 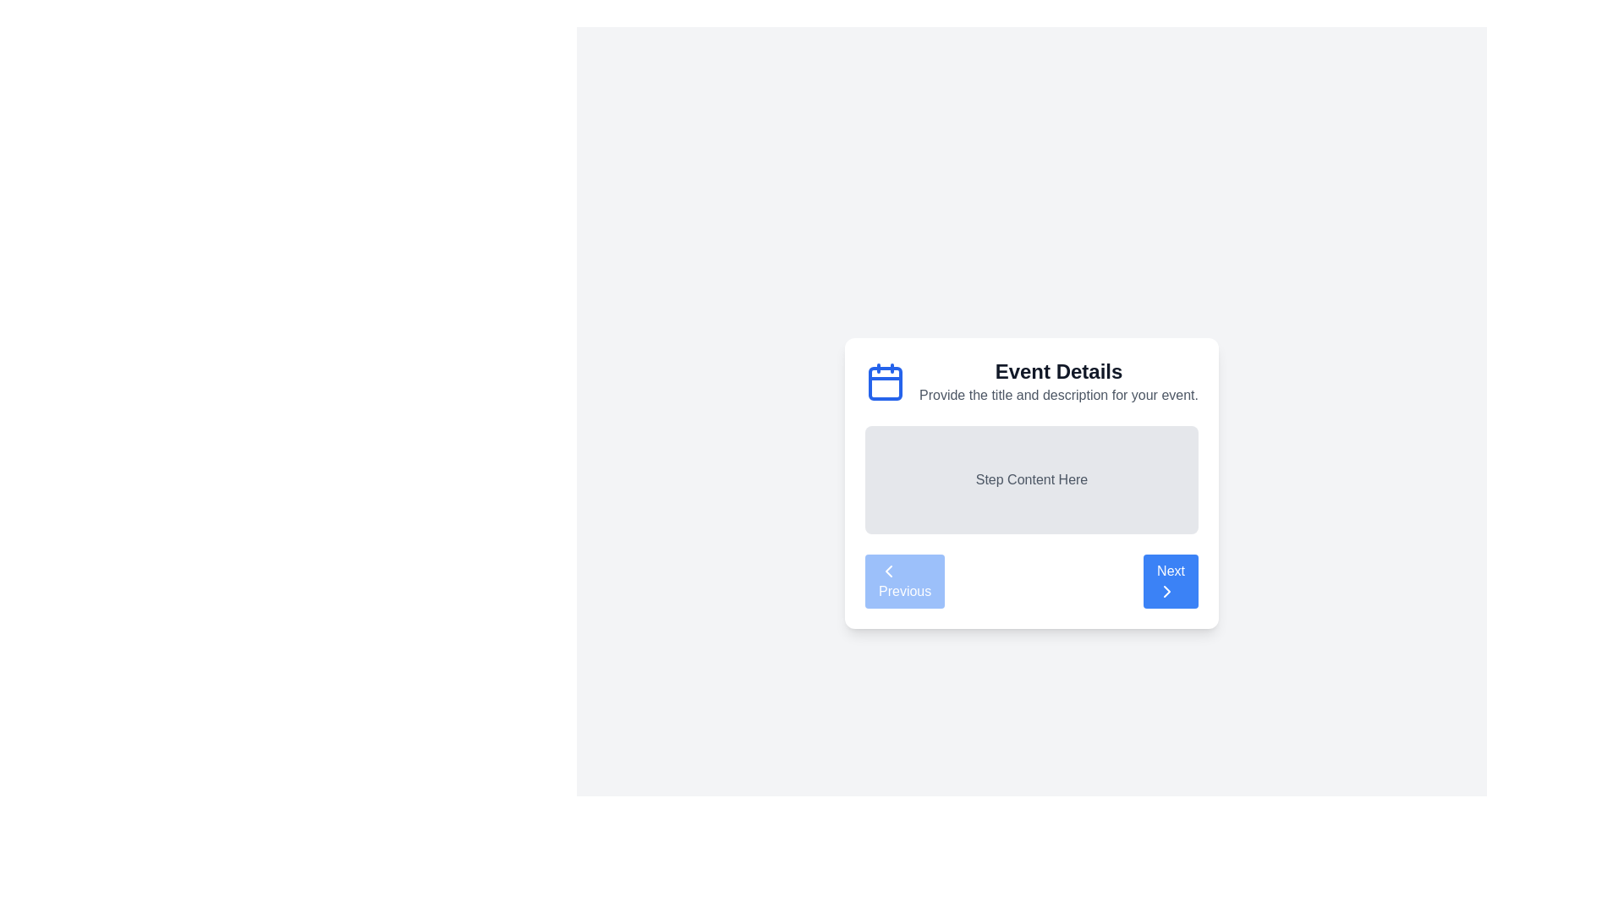 I want to click on the vector icon within the 'Next' button located at the bottom-right corner of the navigation interface, so click(x=1166, y=590).